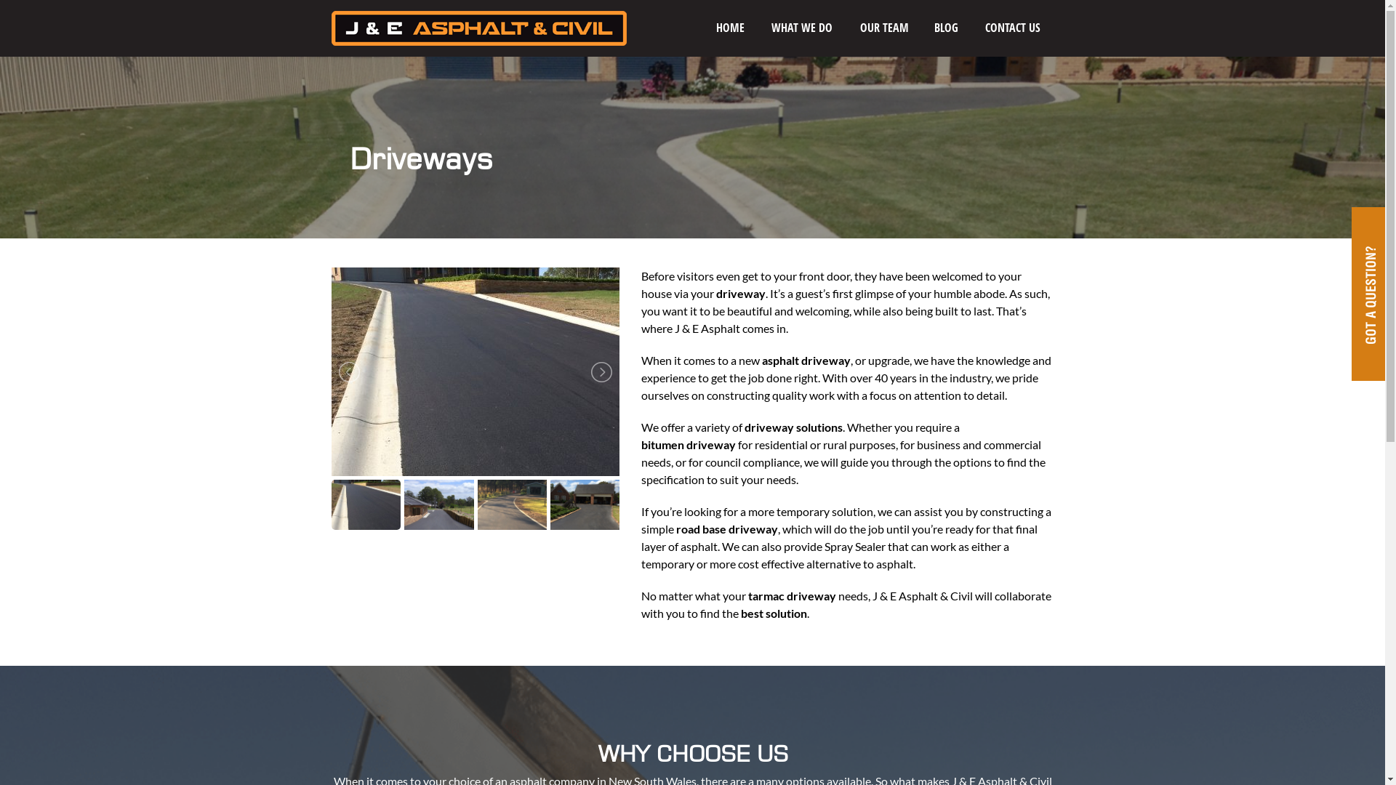  What do you see at coordinates (974, 28) in the screenshot?
I see `'CONTACT US'` at bounding box center [974, 28].